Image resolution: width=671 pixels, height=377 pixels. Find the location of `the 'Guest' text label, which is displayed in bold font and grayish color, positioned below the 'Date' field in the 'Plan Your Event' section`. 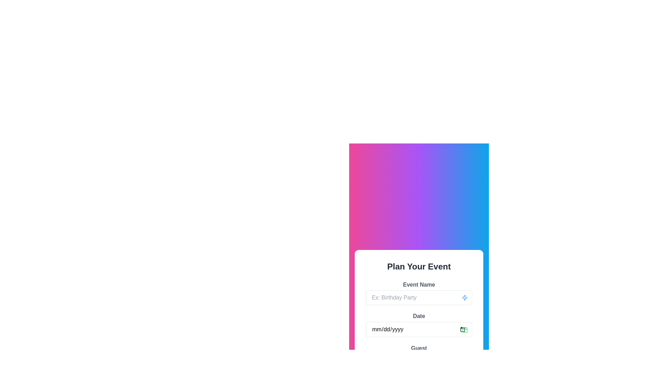

the 'Guest' text label, which is displayed in bold font and grayish color, positioned below the 'Date' field in the 'Plan Your Event' section is located at coordinates (419, 348).